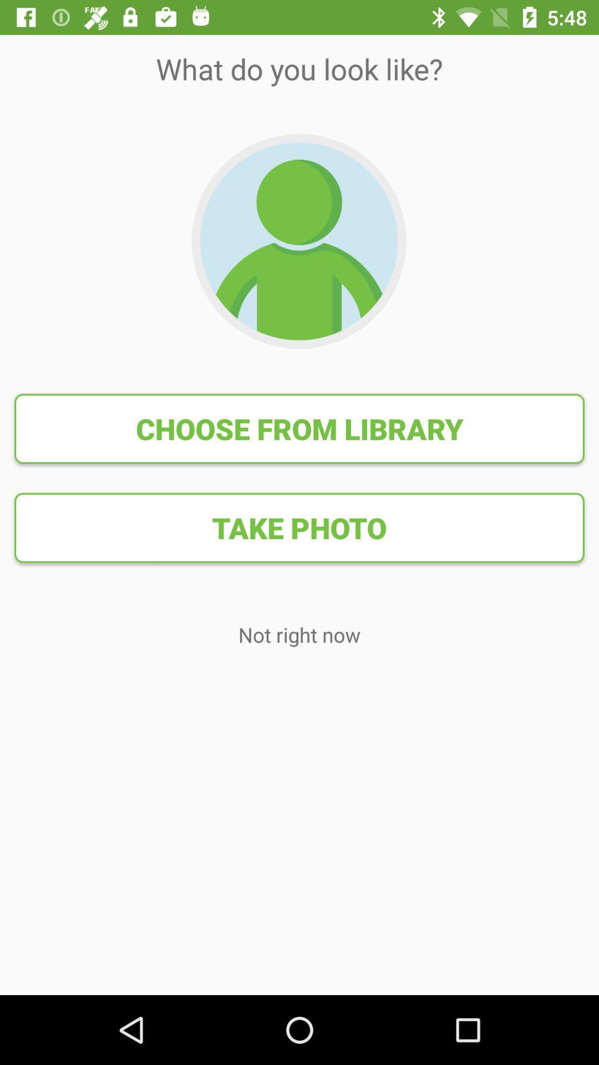 This screenshot has height=1065, width=599. Describe the element at coordinates (299, 635) in the screenshot. I see `the item below take photo item` at that location.